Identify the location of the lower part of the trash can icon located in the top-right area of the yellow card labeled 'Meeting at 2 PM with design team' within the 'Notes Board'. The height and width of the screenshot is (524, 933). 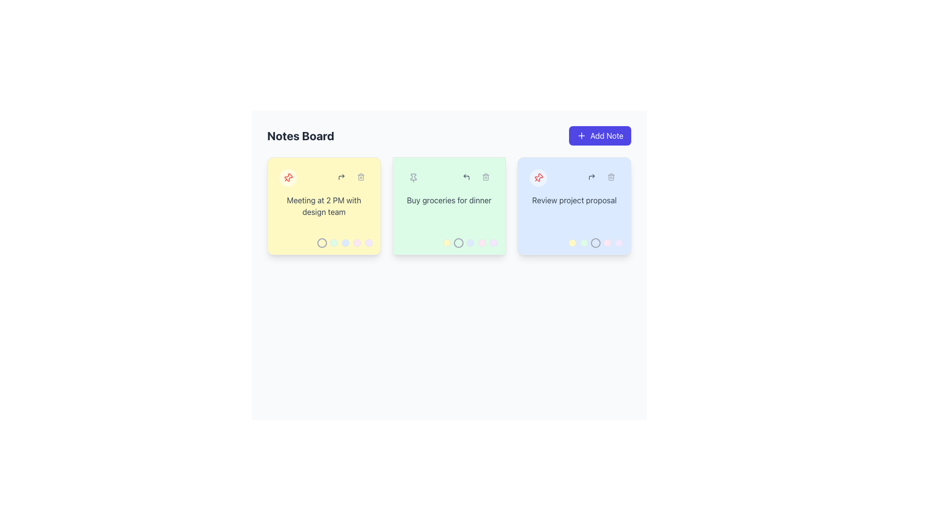
(360, 178).